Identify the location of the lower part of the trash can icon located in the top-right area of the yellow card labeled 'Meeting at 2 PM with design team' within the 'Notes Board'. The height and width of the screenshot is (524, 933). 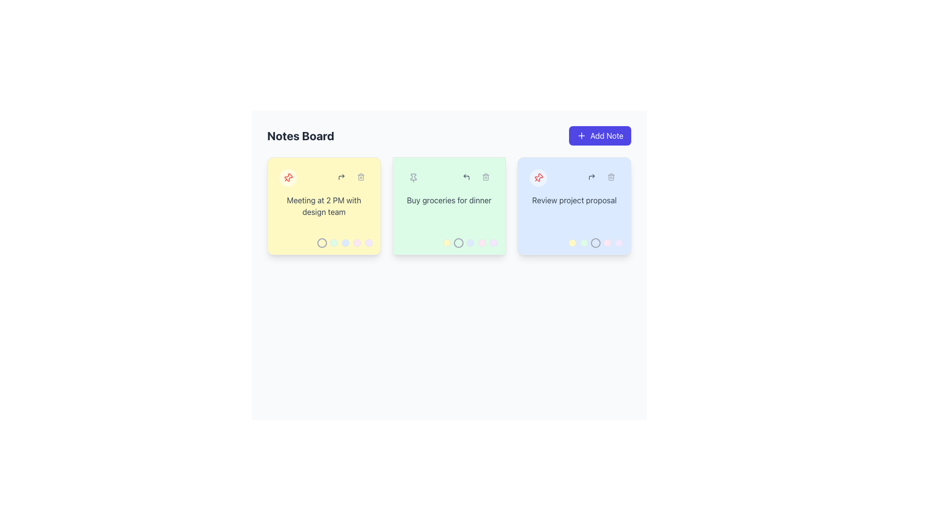
(360, 178).